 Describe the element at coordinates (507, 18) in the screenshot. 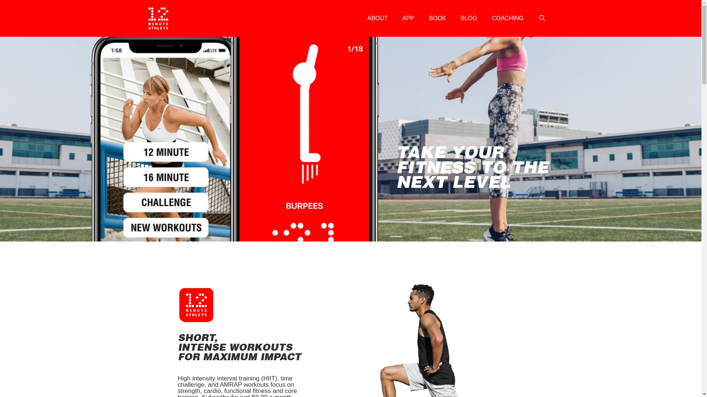

I see `'COACHING'` at that location.